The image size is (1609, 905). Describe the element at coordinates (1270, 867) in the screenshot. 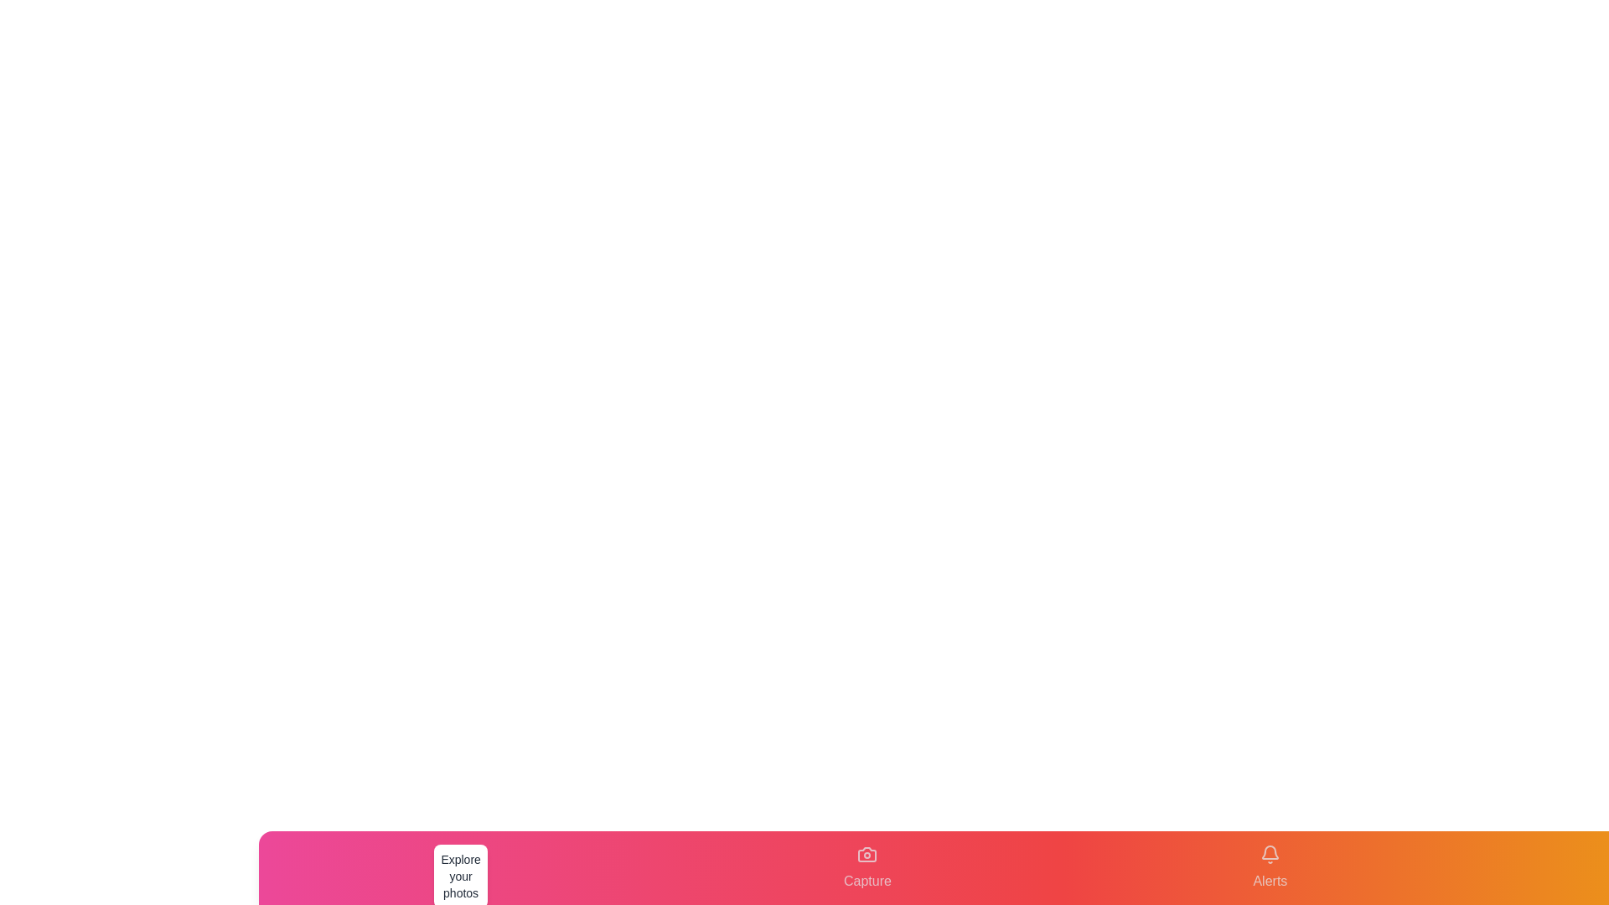

I see `the tab labeled Alerts` at that location.